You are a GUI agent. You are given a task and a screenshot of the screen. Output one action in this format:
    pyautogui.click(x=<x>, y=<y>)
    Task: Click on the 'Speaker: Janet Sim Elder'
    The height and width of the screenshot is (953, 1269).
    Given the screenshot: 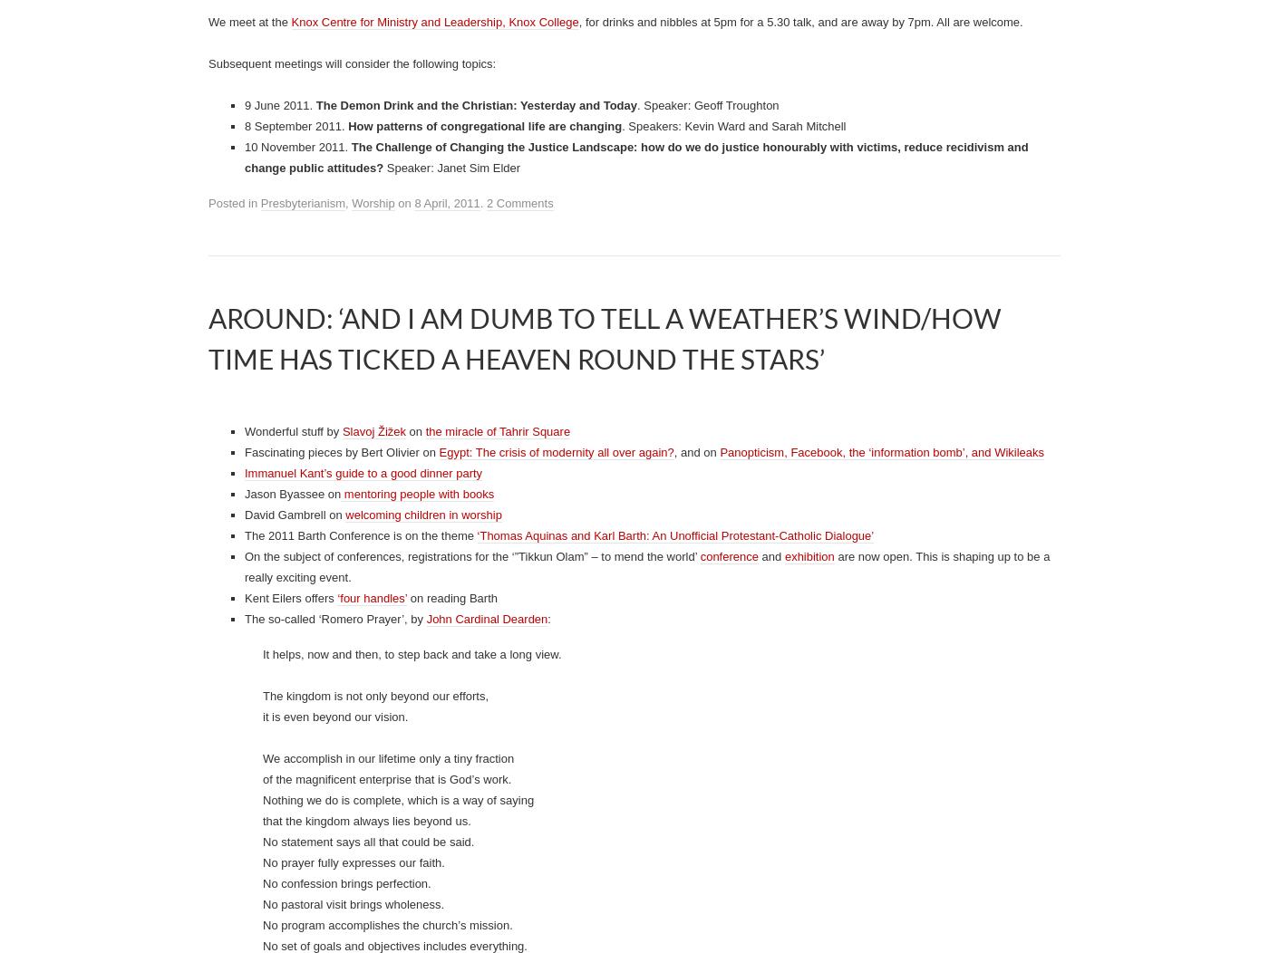 What is the action you would take?
    pyautogui.click(x=451, y=862)
    